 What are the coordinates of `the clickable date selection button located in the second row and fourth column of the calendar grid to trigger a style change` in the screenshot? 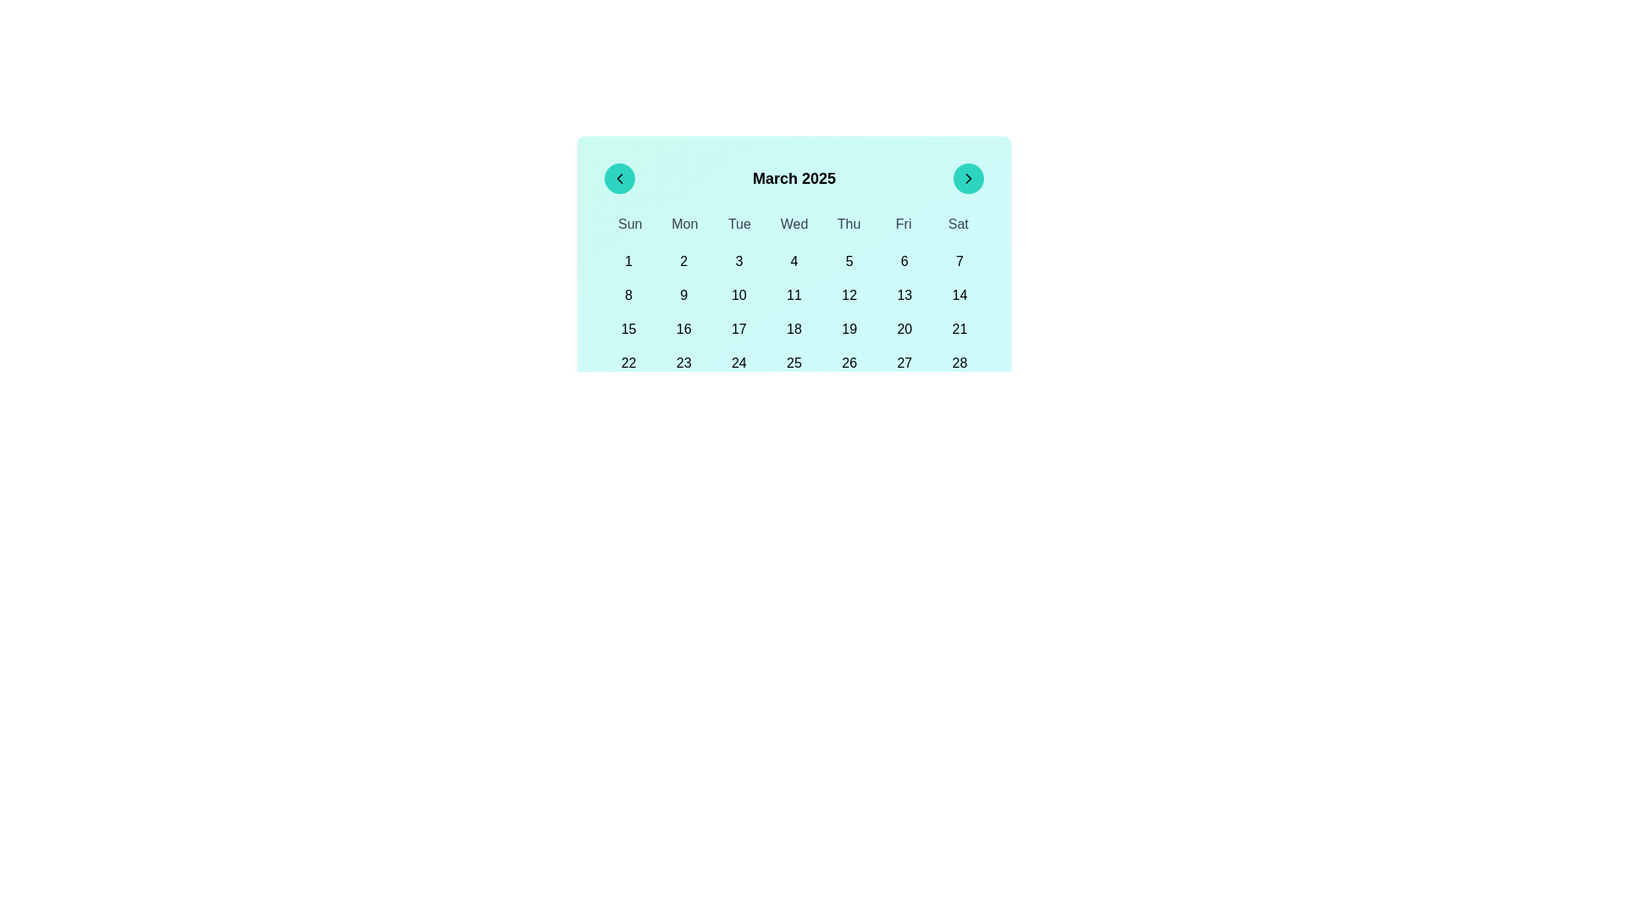 It's located at (793, 294).